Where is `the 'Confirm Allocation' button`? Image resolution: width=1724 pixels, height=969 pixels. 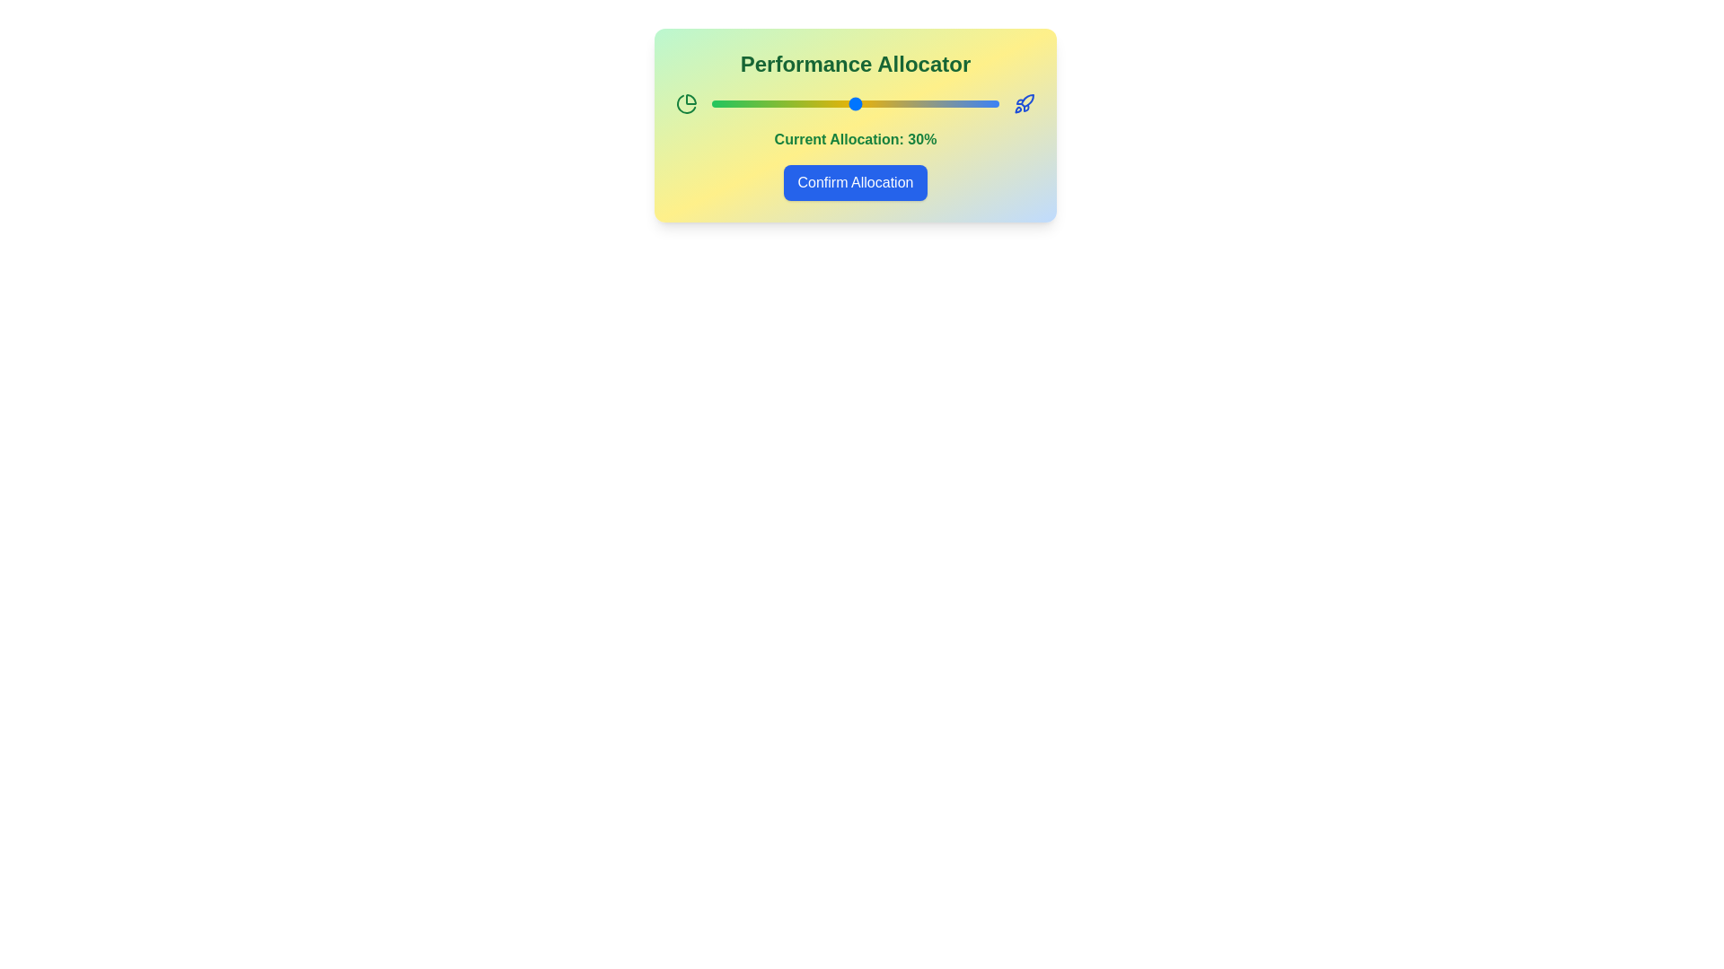 the 'Confirm Allocation' button is located at coordinates (854, 183).